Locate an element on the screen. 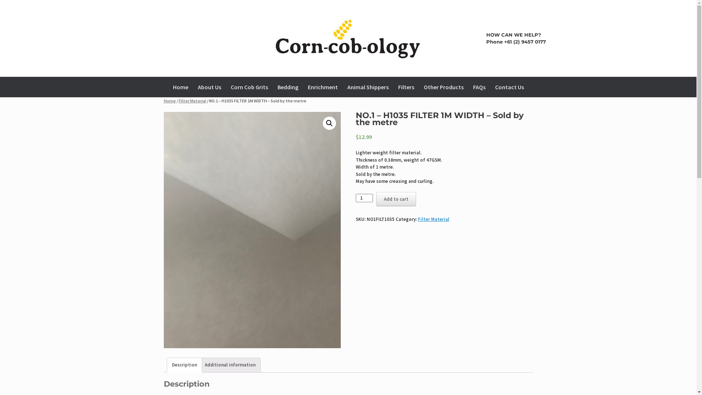 This screenshot has height=395, width=702. 'Corn Cob Grits' is located at coordinates (226, 87).